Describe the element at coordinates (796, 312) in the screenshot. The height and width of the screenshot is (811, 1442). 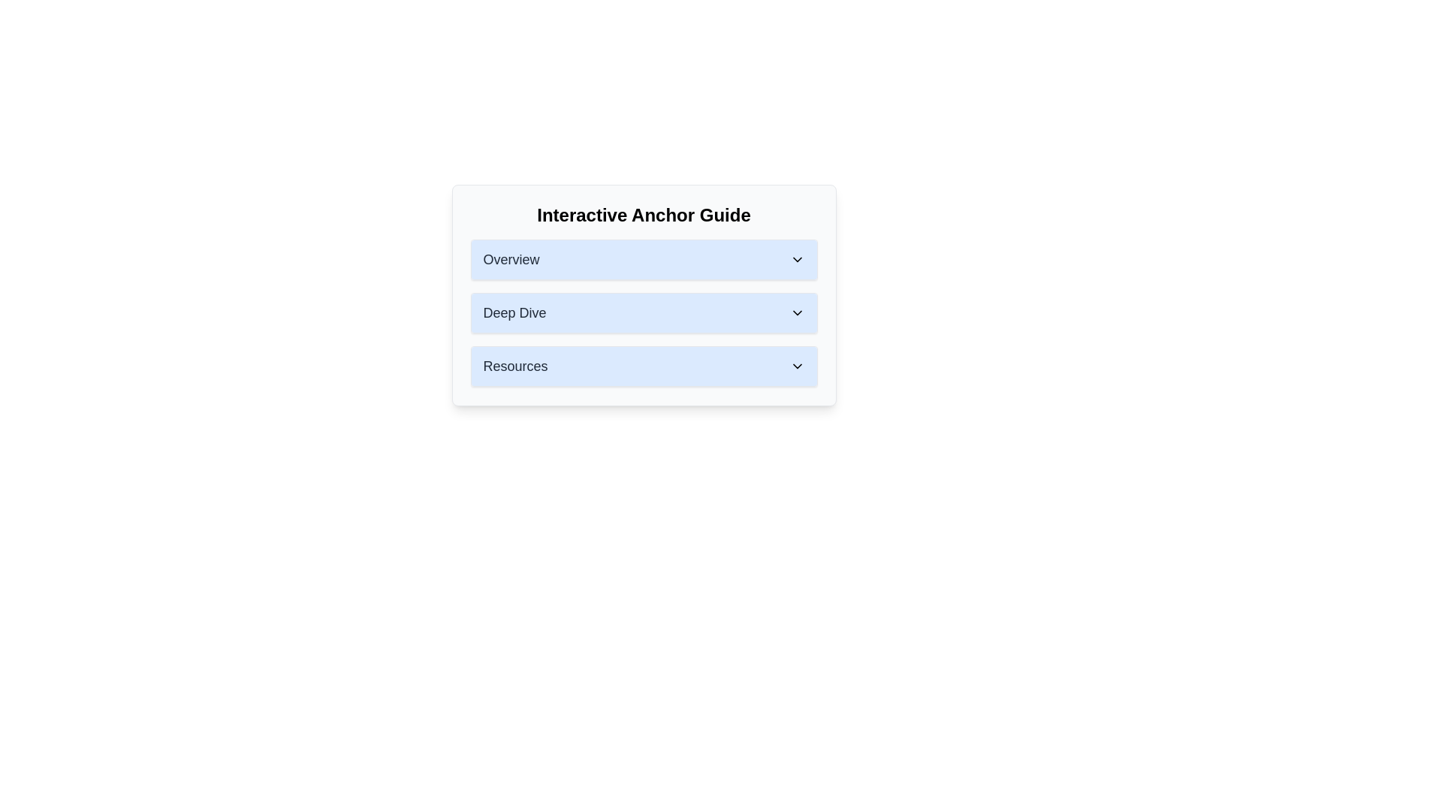
I see `the downward-pointing chevron icon located at the rightmost edge of the 'Deep Dive' button` at that location.